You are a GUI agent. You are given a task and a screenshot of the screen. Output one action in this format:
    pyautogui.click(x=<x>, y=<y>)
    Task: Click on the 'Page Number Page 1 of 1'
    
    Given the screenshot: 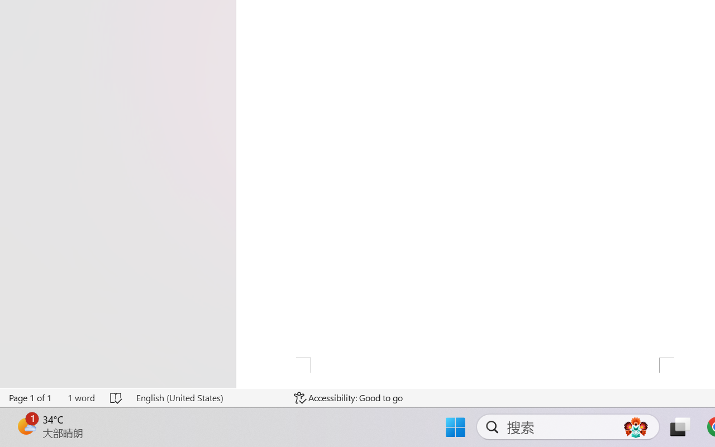 What is the action you would take?
    pyautogui.click(x=31, y=397)
    